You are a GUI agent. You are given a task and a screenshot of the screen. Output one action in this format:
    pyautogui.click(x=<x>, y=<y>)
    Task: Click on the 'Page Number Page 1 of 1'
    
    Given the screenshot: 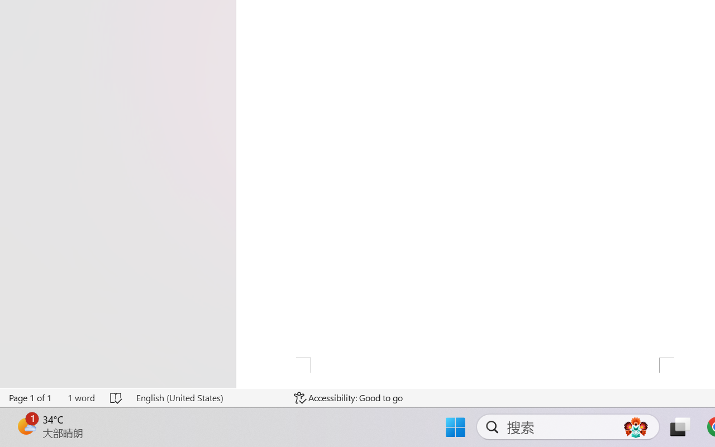 What is the action you would take?
    pyautogui.click(x=31, y=397)
    